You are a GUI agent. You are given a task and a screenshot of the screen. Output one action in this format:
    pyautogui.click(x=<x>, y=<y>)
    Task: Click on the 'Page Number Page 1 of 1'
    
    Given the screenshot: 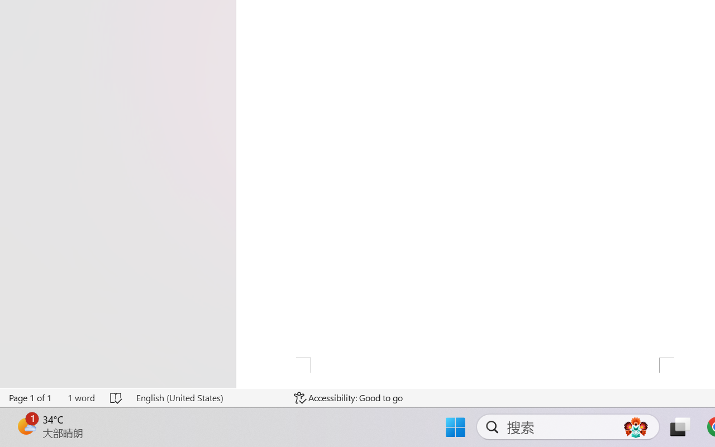 What is the action you would take?
    pyautogui.click(x=31, y=397)
    